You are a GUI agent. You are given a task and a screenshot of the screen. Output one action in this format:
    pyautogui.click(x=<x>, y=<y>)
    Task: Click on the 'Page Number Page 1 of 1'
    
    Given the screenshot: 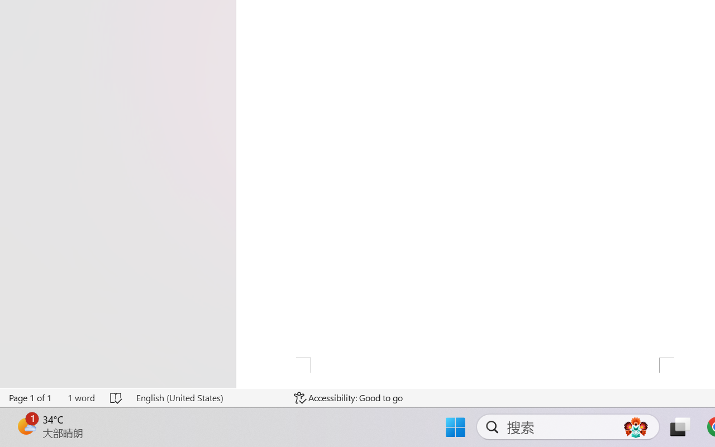 What is the action you would take?
    pyautogui.click(x=31, y=397)
    